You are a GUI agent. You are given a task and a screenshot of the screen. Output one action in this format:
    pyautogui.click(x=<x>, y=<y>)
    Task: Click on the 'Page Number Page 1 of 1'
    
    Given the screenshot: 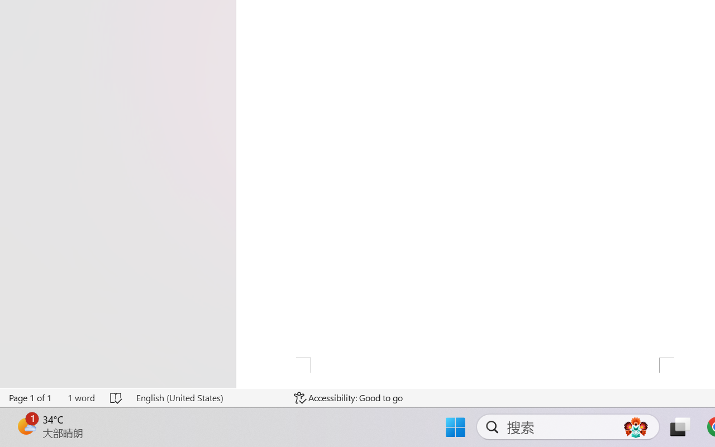 What is the action you would take?
    pyautogui.click(x=31, y=397)
    